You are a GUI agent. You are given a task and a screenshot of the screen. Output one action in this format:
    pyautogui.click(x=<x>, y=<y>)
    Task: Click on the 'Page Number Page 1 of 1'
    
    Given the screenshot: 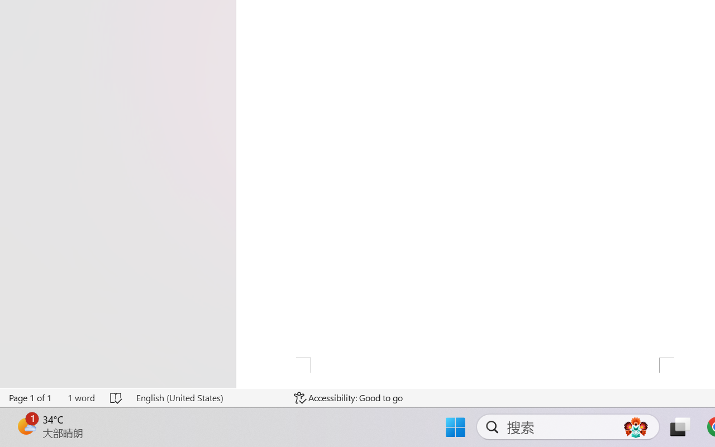 What is the action you would take?
    pyautogui.click(x=31, y=397)
    